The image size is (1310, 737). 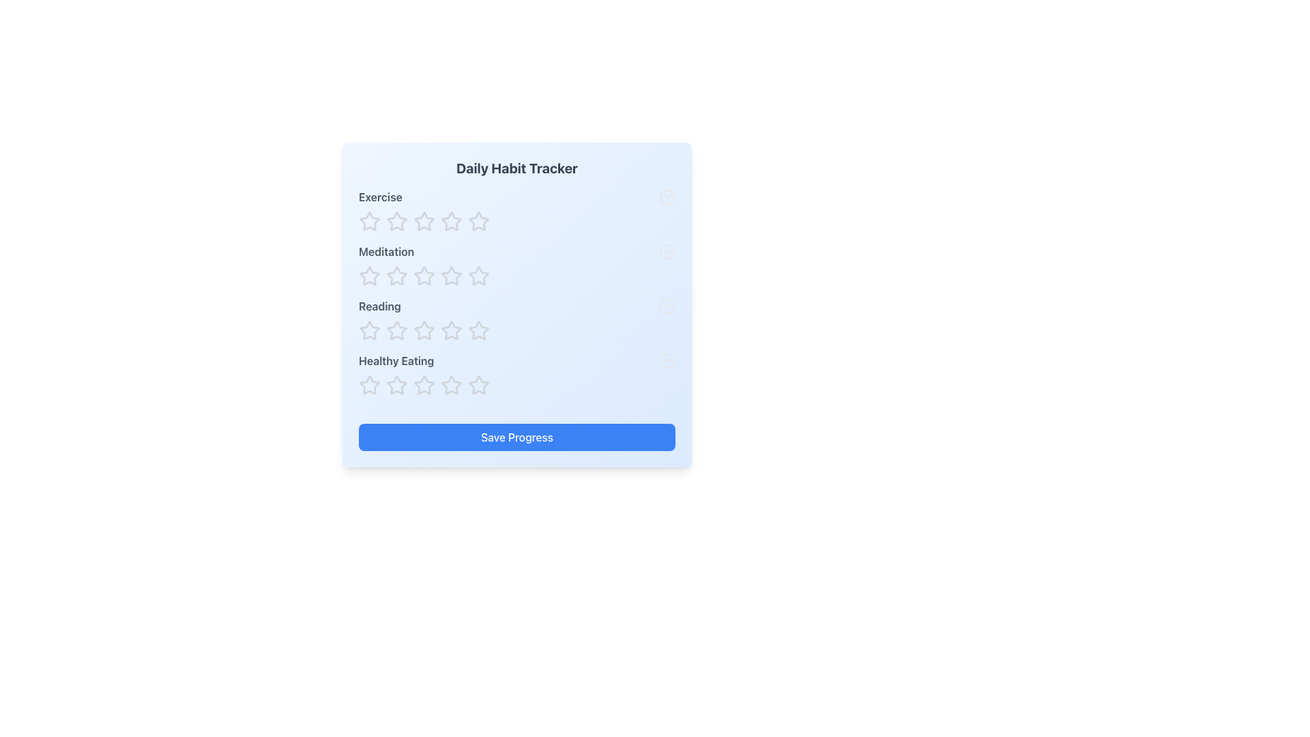 I want to click on the third star in the row of five within the 'Exercise' habit section of the 'Daily Habit Tracker' to register a rating, so click(x=478, y=220).